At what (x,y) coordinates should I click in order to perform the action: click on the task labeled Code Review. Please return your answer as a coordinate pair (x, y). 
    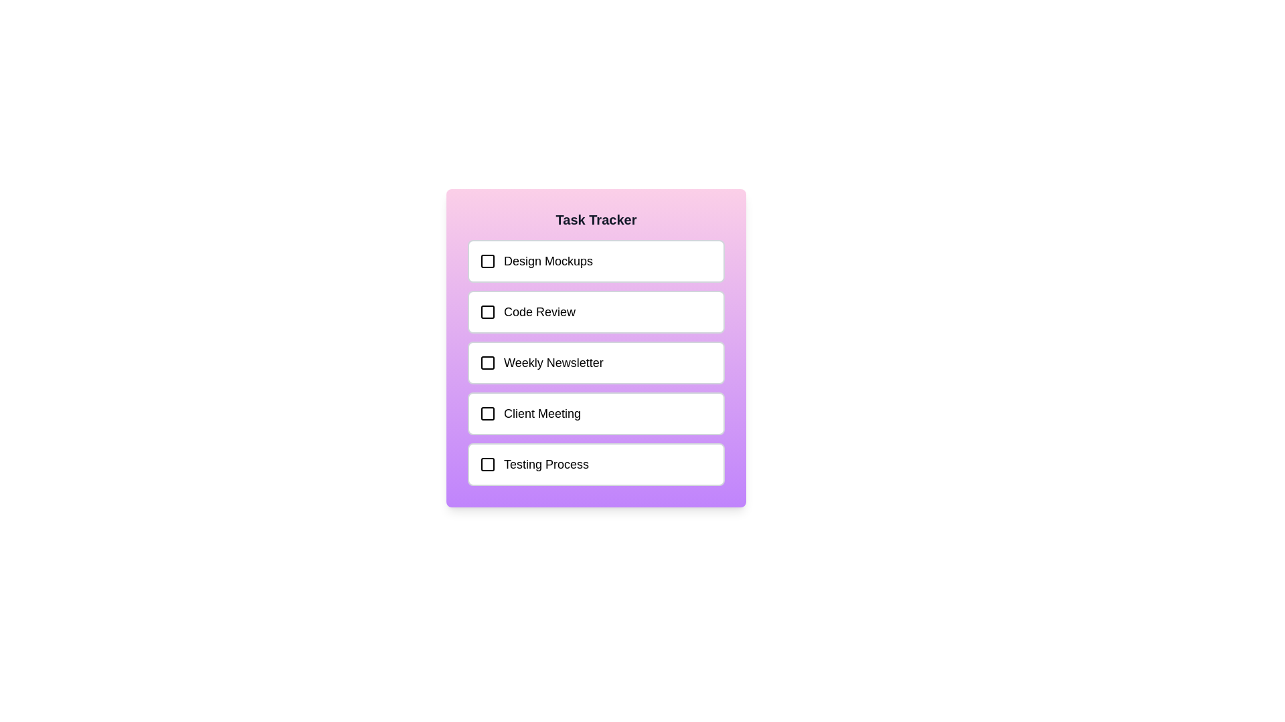
    Looking at the image, I should click on (596, 312).